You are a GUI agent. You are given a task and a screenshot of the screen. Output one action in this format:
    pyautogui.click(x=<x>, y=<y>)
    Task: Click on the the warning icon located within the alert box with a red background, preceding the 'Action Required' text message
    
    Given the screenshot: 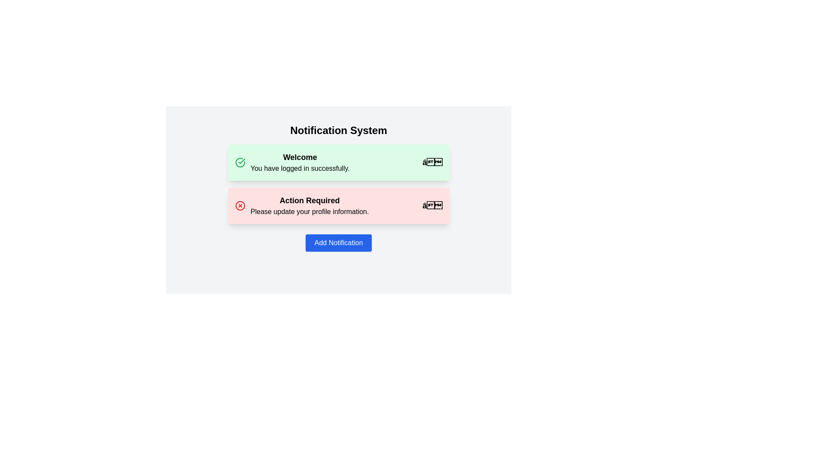 What is the action you would take?
    pyautogui.click(x=240, y=205)
    